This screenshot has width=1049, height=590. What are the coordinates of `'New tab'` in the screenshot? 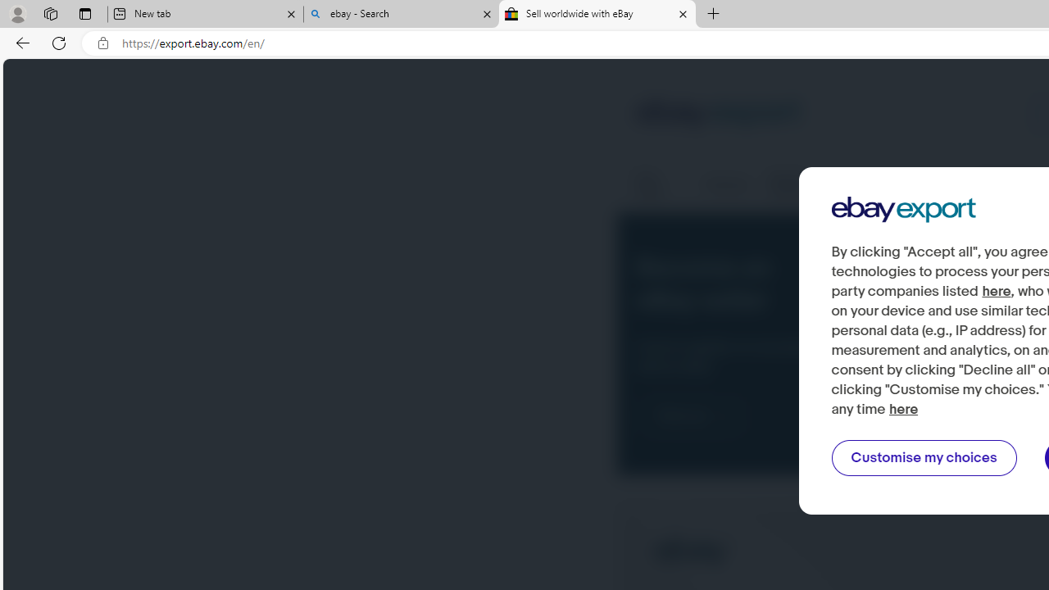 It's located at (204, 14).